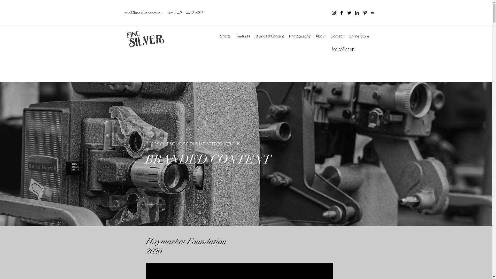 This screenshot has width=496, height=279. I want to click on 'Branded Content', so click(253, 36).